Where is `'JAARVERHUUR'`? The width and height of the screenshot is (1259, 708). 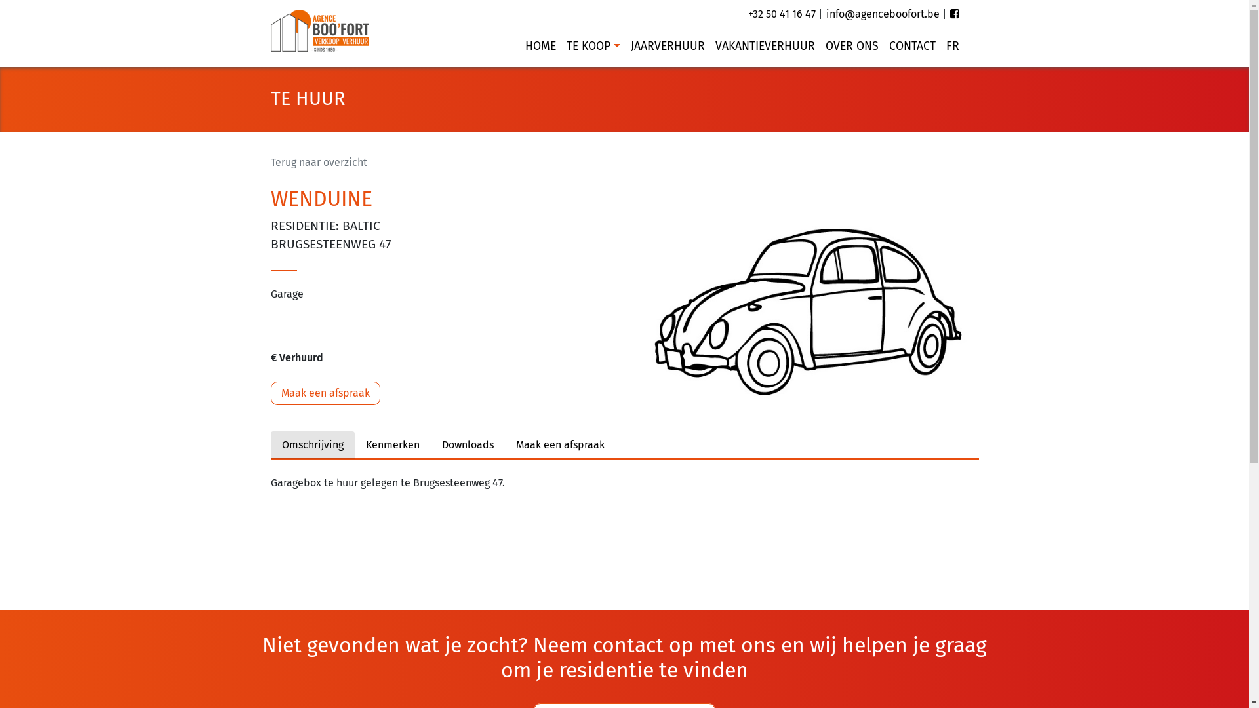 'JAARVERHUUR' is located at coordinates (625, 45).